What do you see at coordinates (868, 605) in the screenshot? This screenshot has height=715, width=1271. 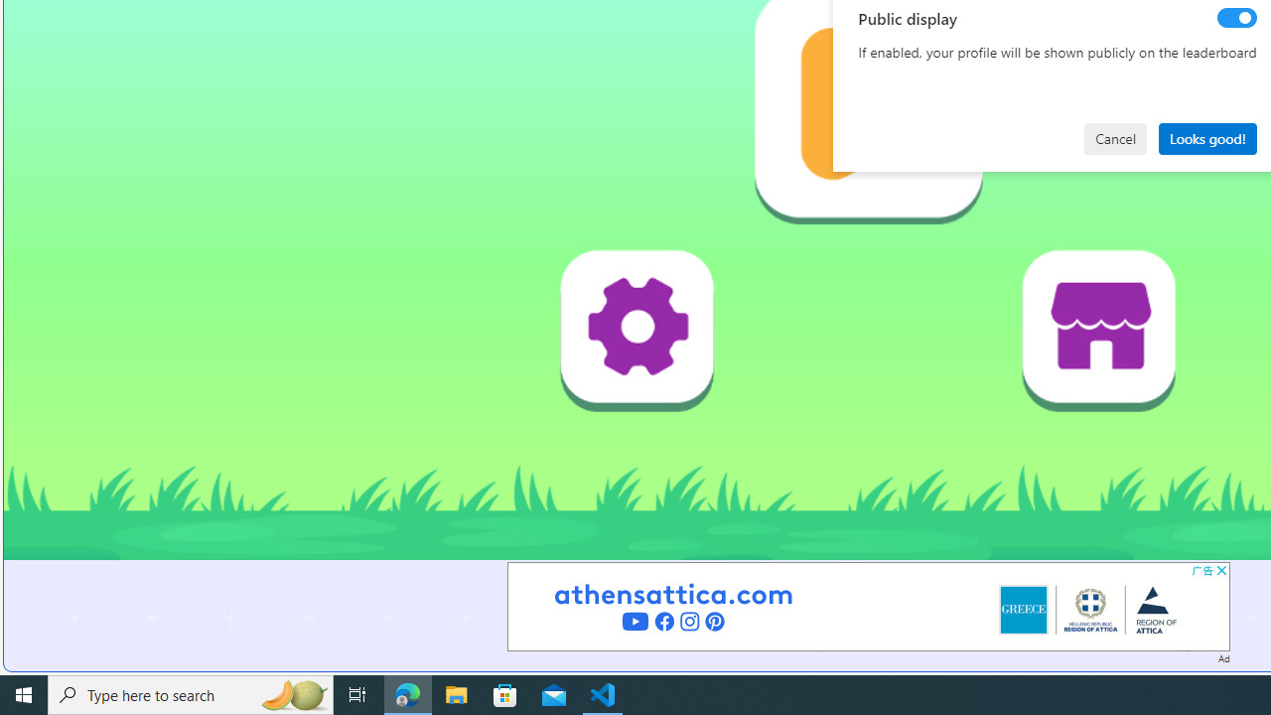 I see `'Advertisement'` at bounding box center [868, 605].